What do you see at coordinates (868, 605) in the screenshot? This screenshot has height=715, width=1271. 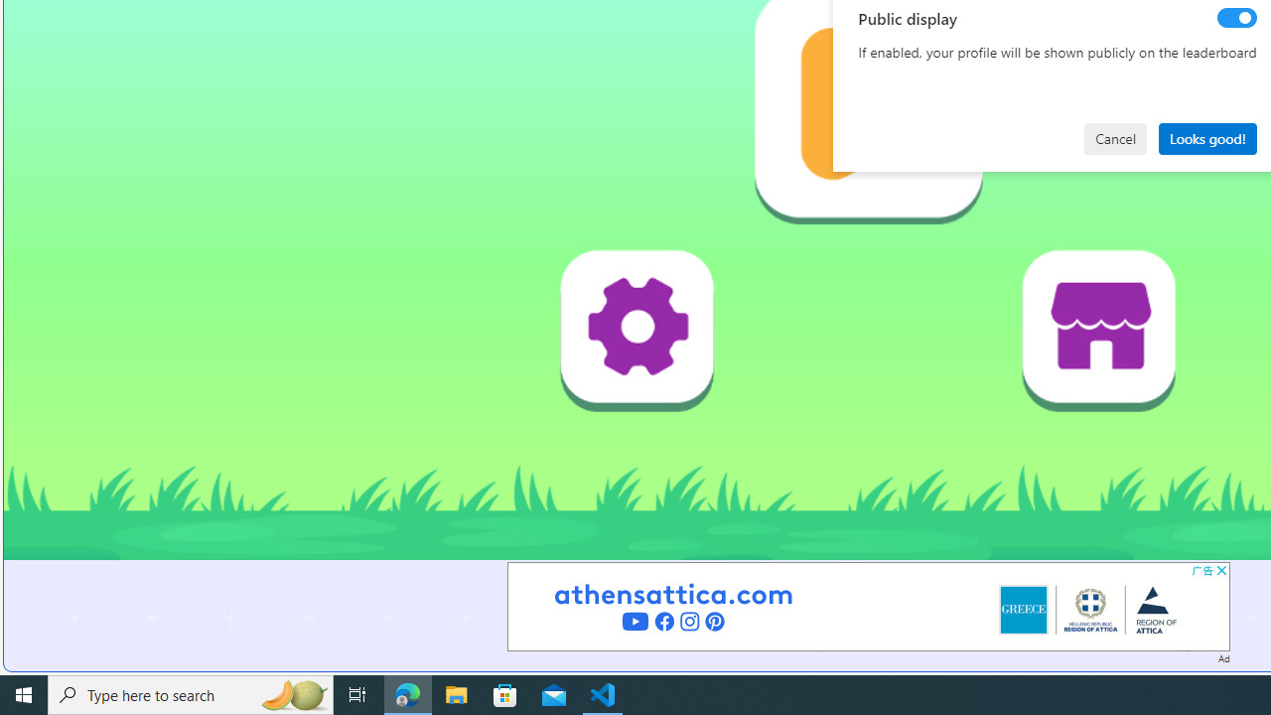 I see `'Advertisement'` at bounding box center [868, 605].